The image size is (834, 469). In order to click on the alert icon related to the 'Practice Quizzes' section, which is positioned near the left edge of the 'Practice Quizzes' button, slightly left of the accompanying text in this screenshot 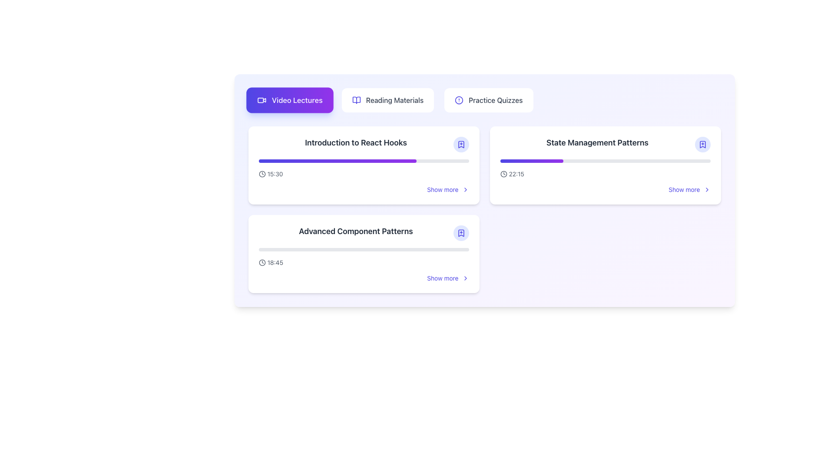, I will do `click(459, 100)`.